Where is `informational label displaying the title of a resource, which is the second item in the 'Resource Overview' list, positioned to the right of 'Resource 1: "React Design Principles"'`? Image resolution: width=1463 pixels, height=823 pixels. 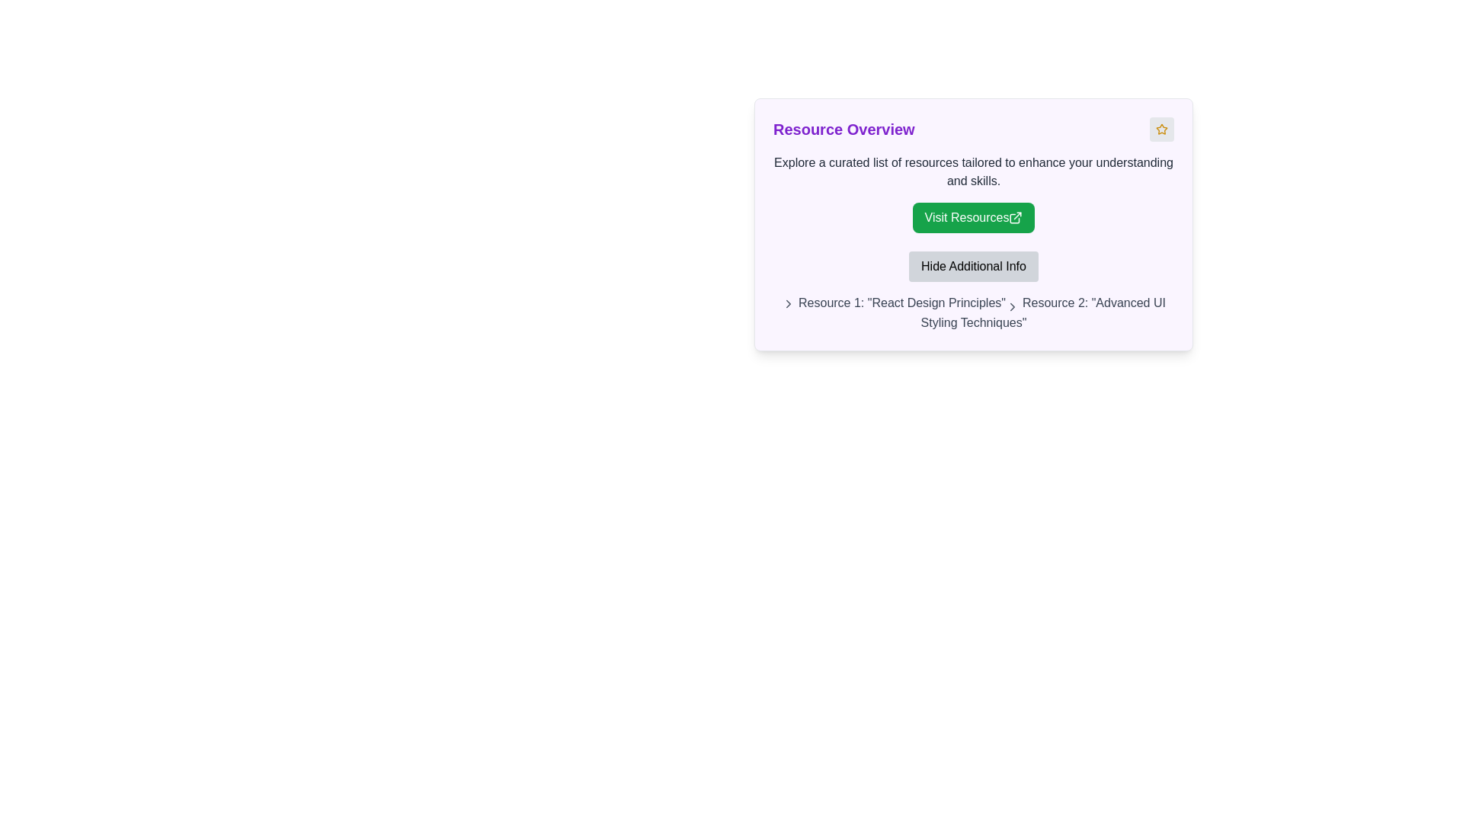 informational label displaying the title of a resource, which is the second item in the 'Resource Overview' list, positioned to the right of 'Resource 1: "React Design Principles"' is located at coordinates (1042, 312).